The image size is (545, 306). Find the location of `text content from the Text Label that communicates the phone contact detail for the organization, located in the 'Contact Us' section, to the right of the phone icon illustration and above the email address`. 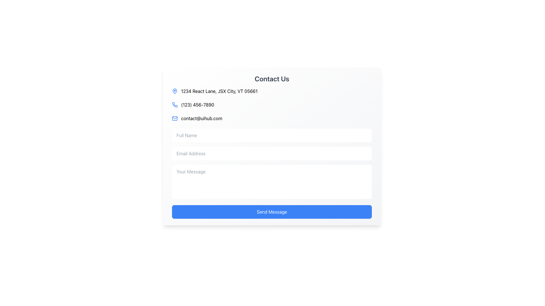

text content from the Text Label that communicates the phone contact detail for the organization, located in the 'Contact Us' section, to the right of the phone icon illustration and above the email address is located at coordinates (198, 105).